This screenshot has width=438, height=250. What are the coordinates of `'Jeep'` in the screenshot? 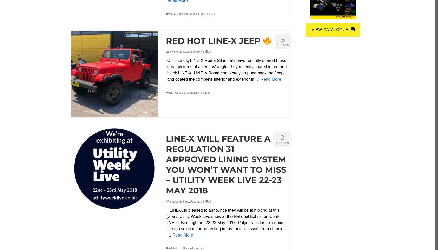 It's located at (177, 92).